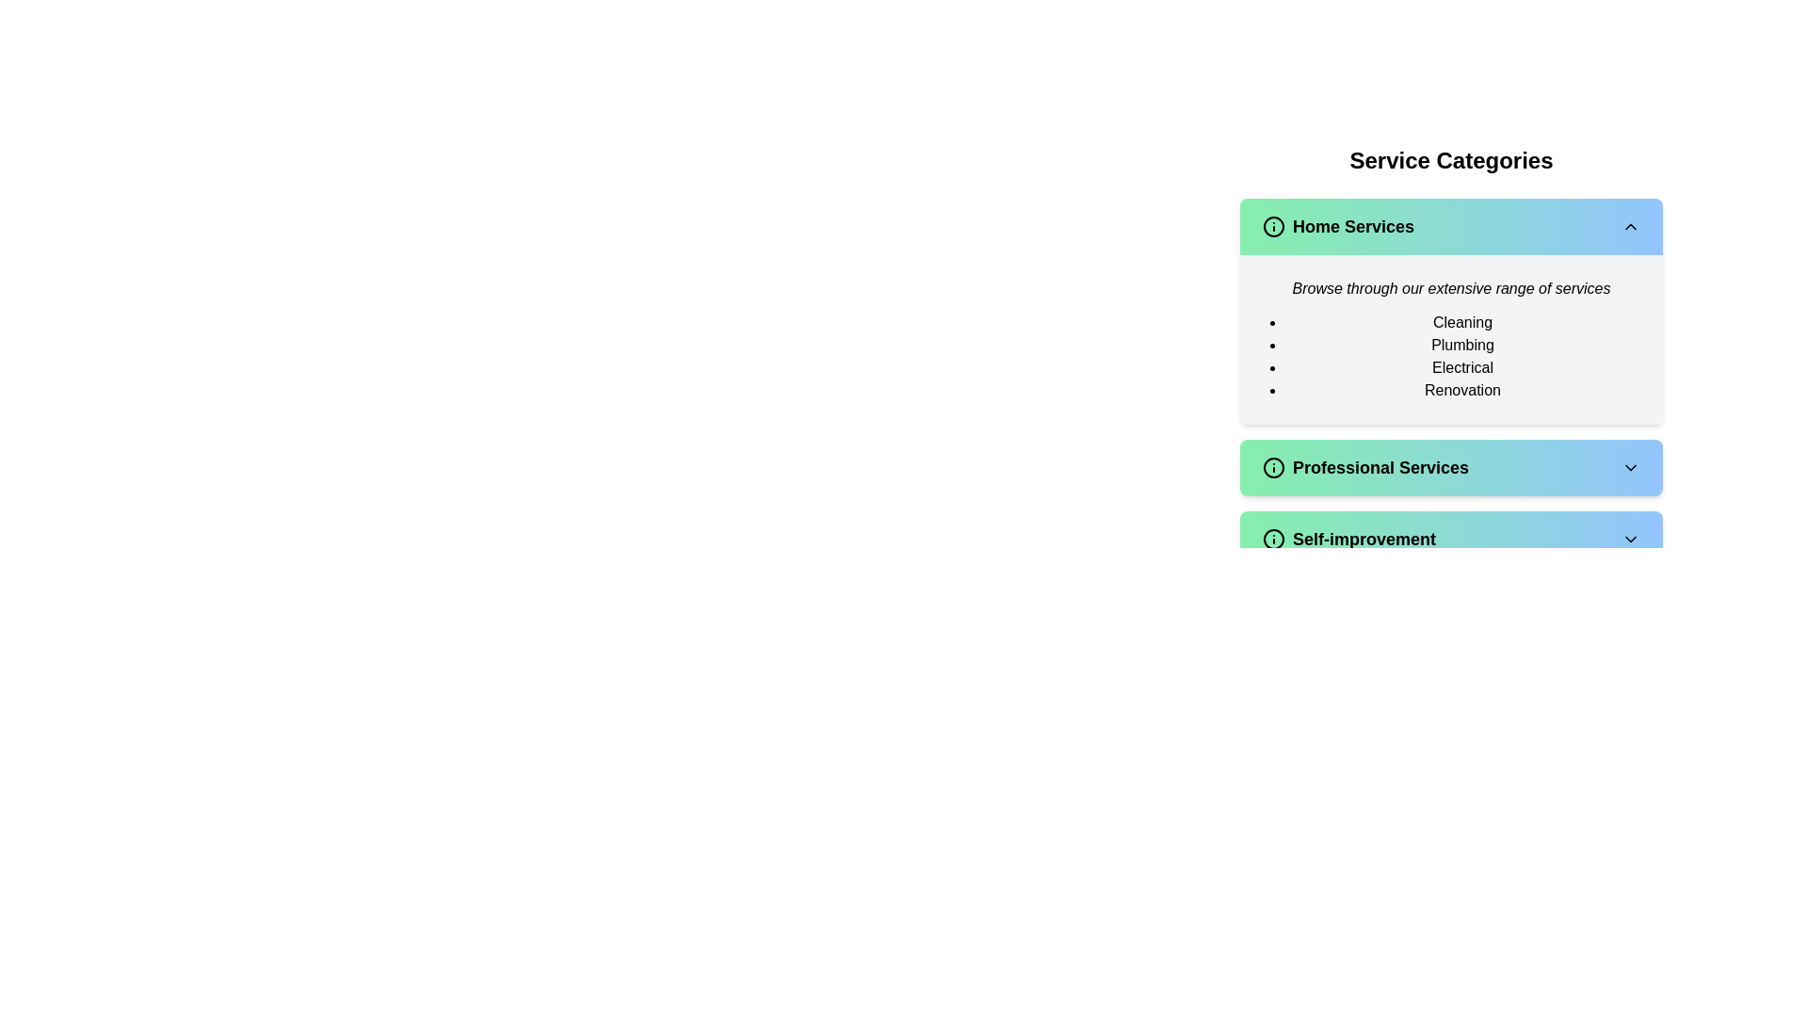 Image resolution: width=1808 pixels, height=1017 pixels. Describe the element at coordinates (1461, 390) in the screenshot. I see `the non-interactive textual label for 'Renovation' in the Home Services section, which is the fourth item in a vertically aligned list` at that location.